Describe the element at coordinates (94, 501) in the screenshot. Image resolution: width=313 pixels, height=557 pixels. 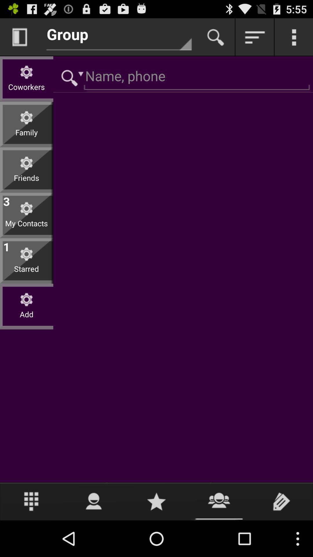
I see `open people option` at that location.